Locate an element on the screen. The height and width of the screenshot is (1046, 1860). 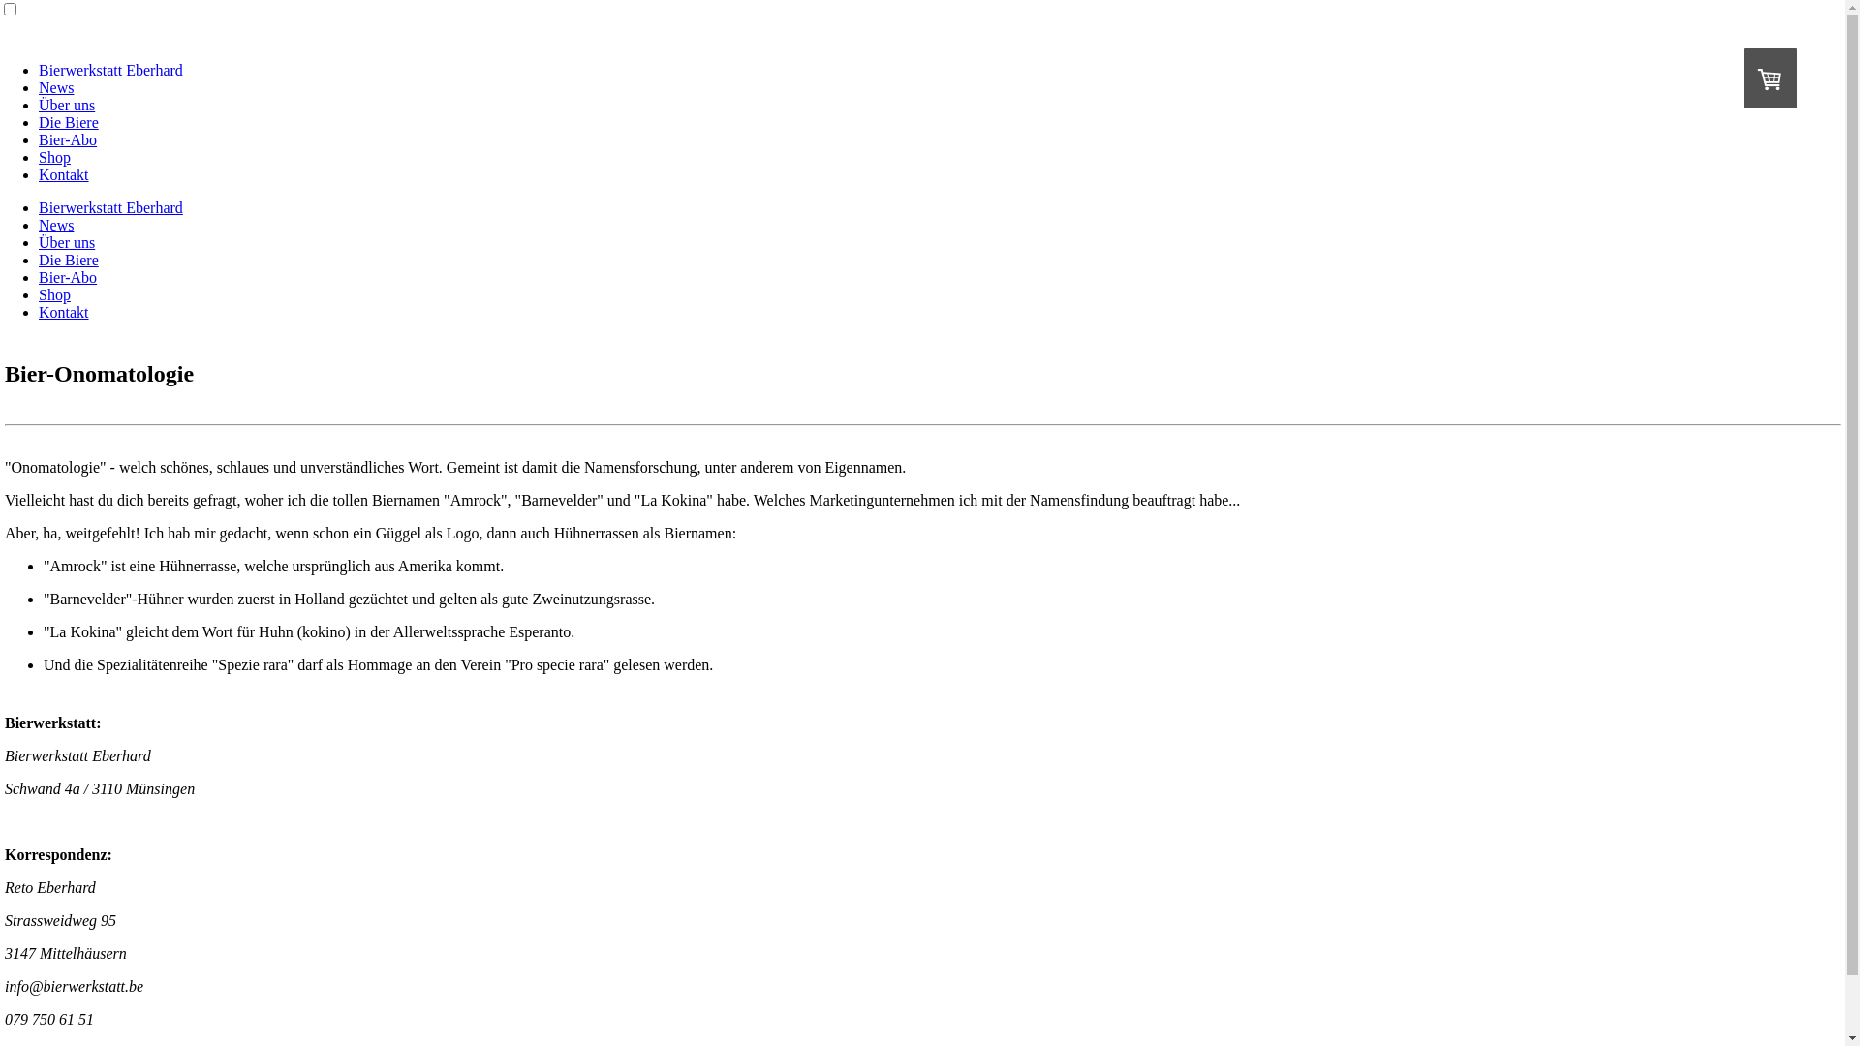
'News' is located at coordinates (55, 87).